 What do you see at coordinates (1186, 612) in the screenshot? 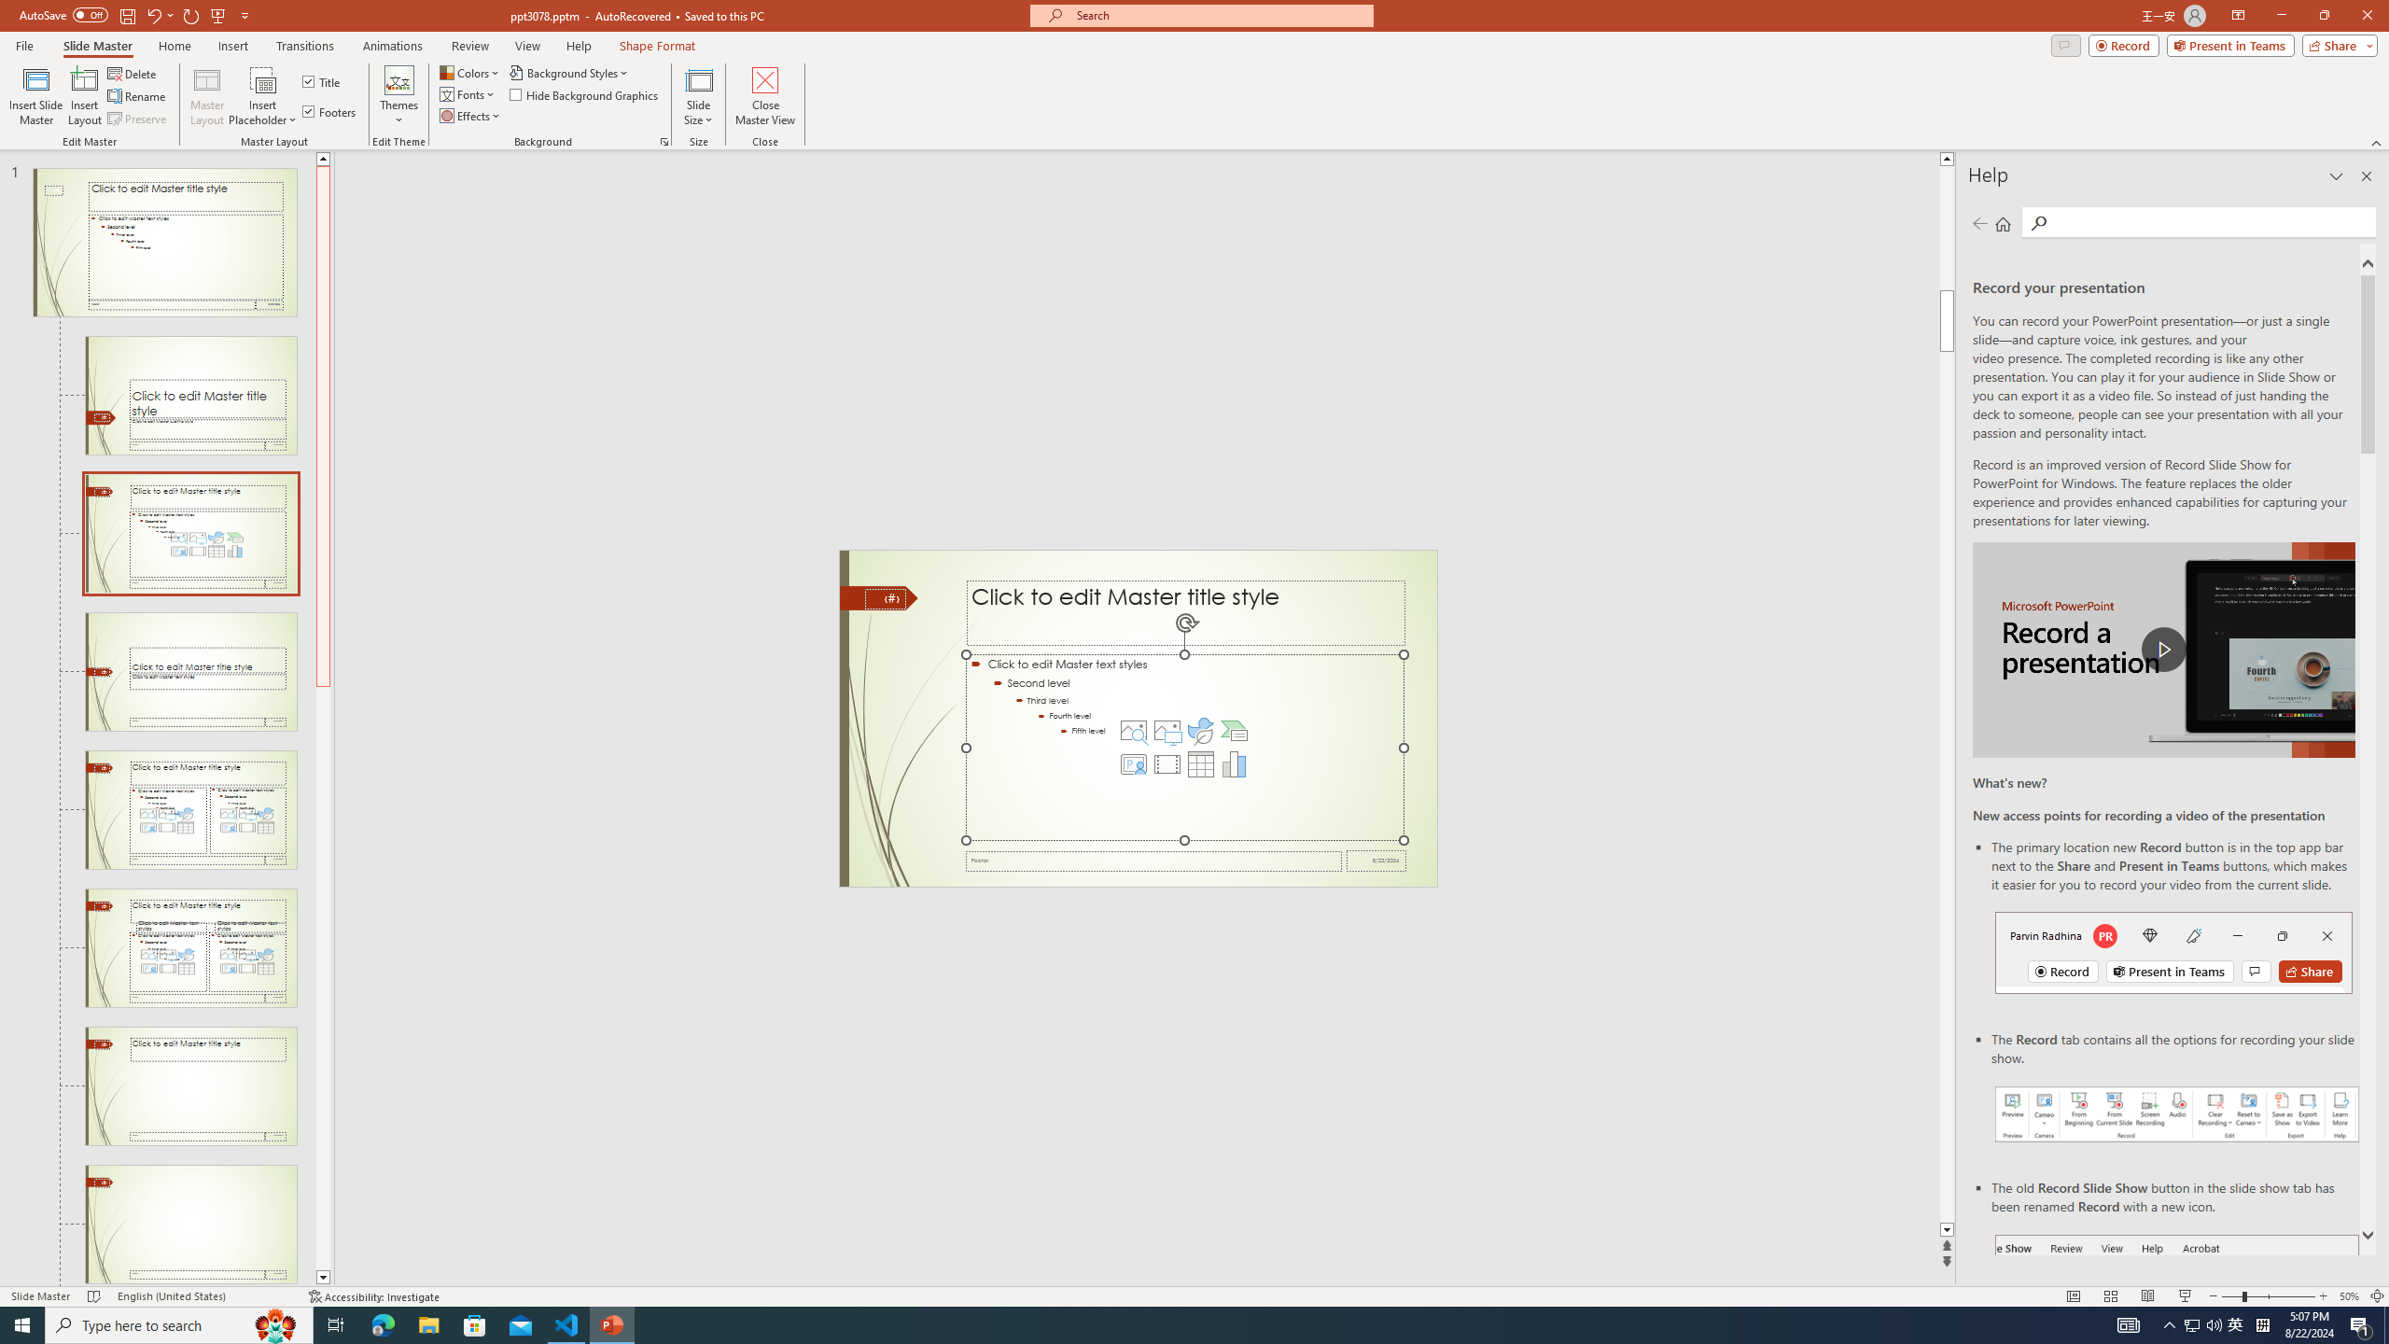
I see `'Title TextBox'` at bounding box center [1186, 612].